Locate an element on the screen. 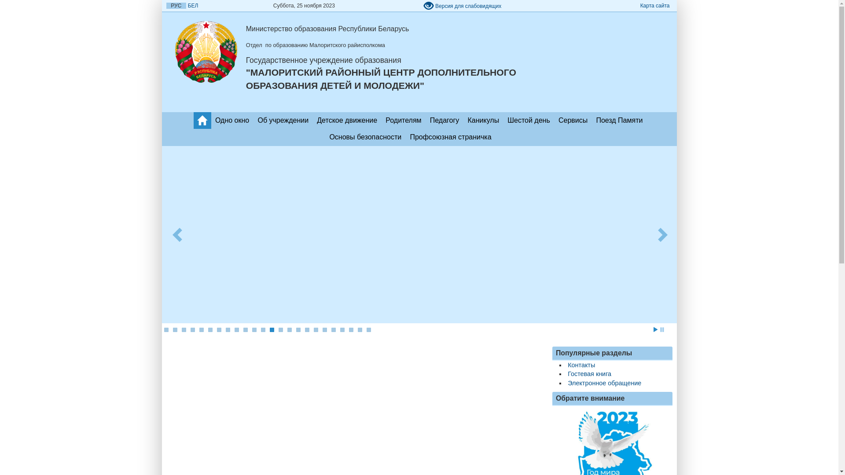 This screenshot has height=475, width=845. '23' is located at coordinates (357, 329).